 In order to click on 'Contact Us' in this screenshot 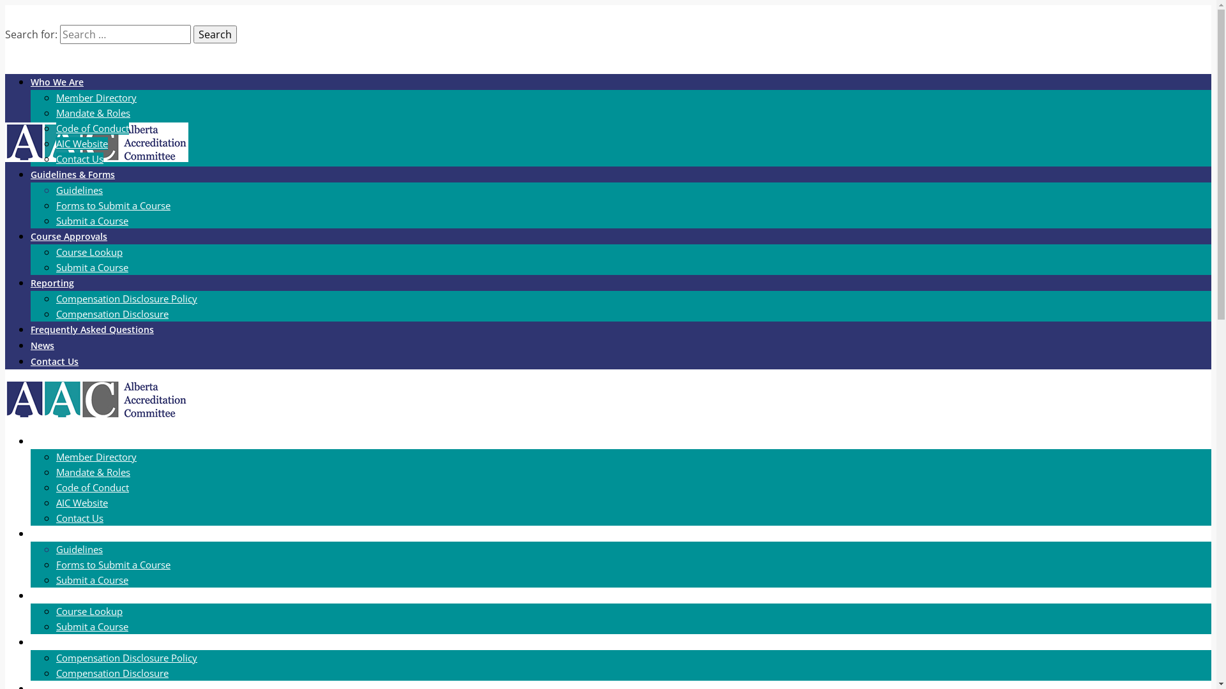, I will do `click(55, 518)`.